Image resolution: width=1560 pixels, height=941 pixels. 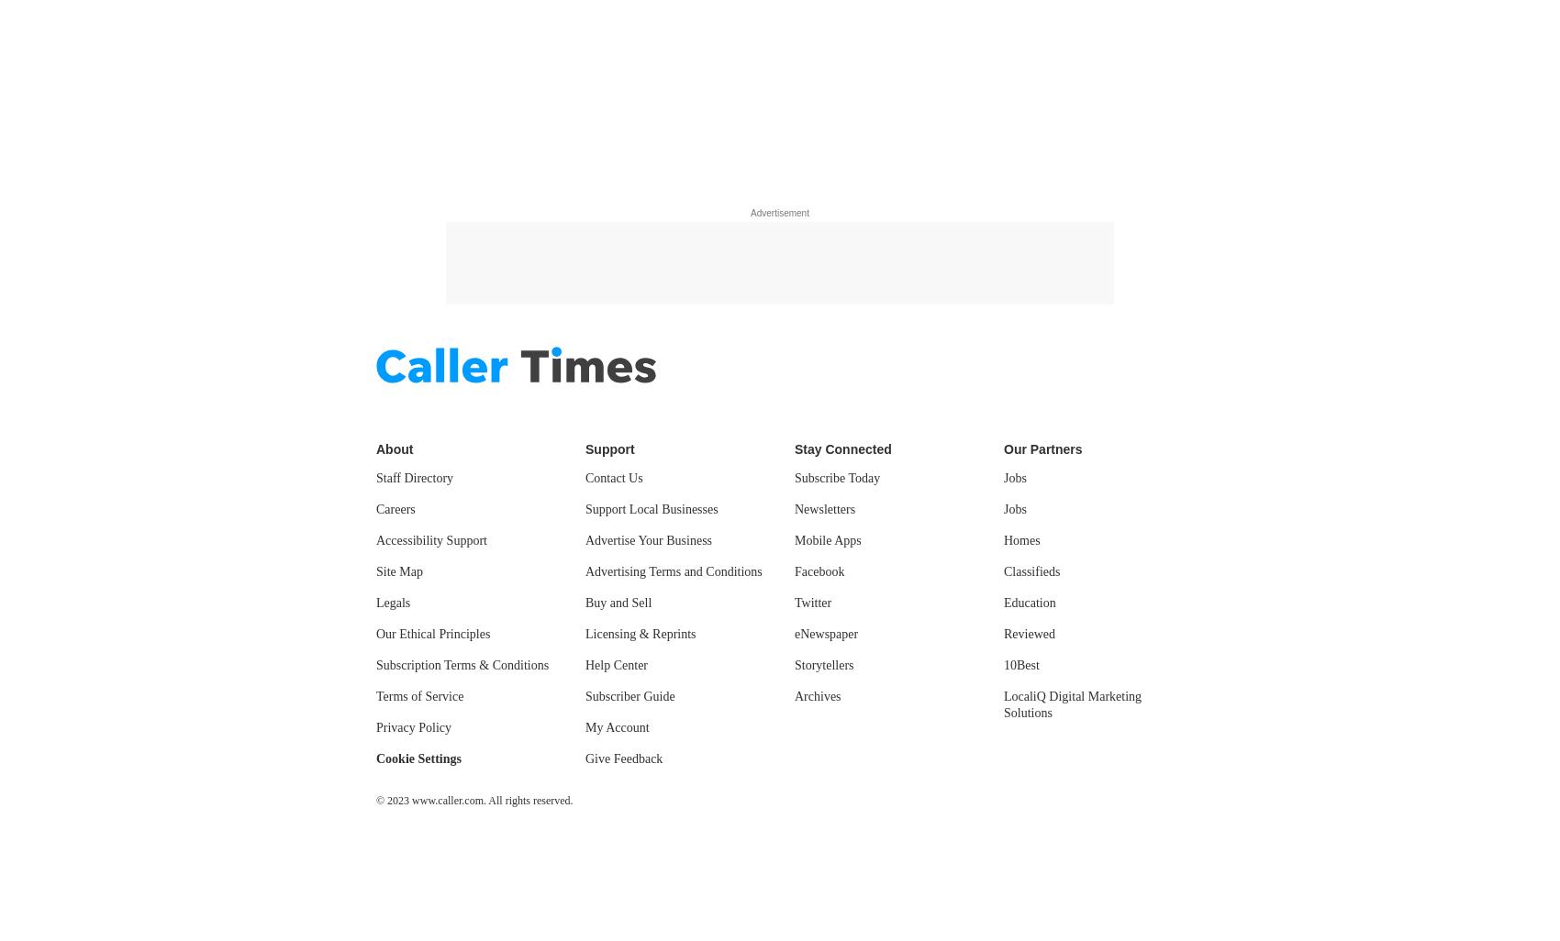 What do you see at coordinates (419, 696) in the screenshot?
I see `'Terms of Service'` at bounding box center [419, 696].